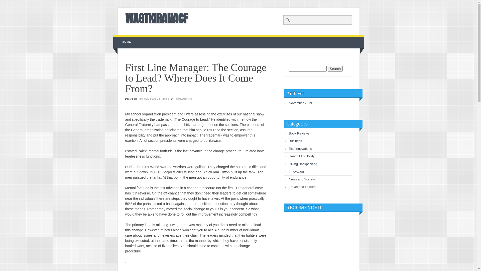 The width and height of the screenshot is (481, 271). What do you see at coordinates (156, 18) in the screenshot?
I see `'WAGTKIRANACF'` at bounding box center [156, 18].